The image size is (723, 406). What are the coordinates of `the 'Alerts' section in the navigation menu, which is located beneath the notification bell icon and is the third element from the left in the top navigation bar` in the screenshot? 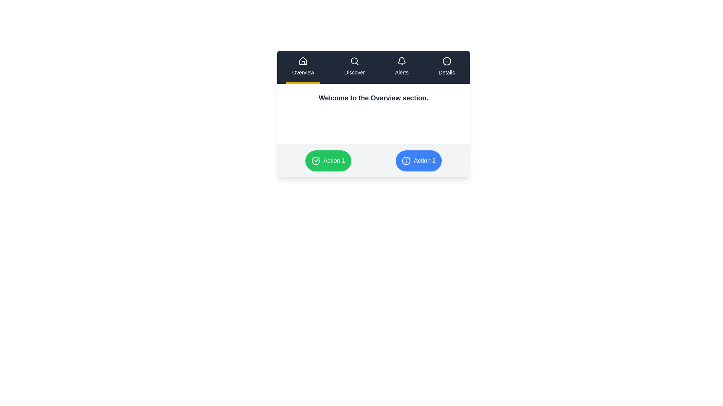 It's located at (401, 72).